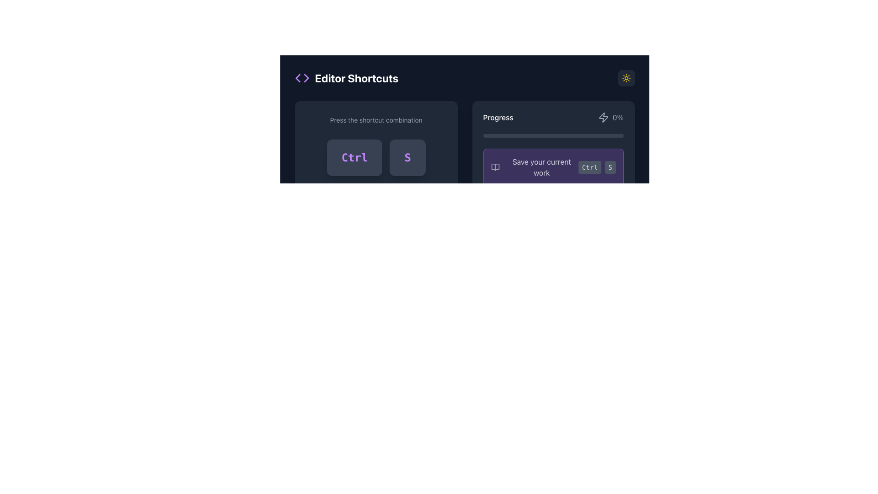  What do you see at coordinates (354, 157) in the screenshot?
I see `the 'Ctrl' key button displayed in the panel labeled 'Press the shortcut combination', which is the first button from the left` at bounding box center [354, 157].